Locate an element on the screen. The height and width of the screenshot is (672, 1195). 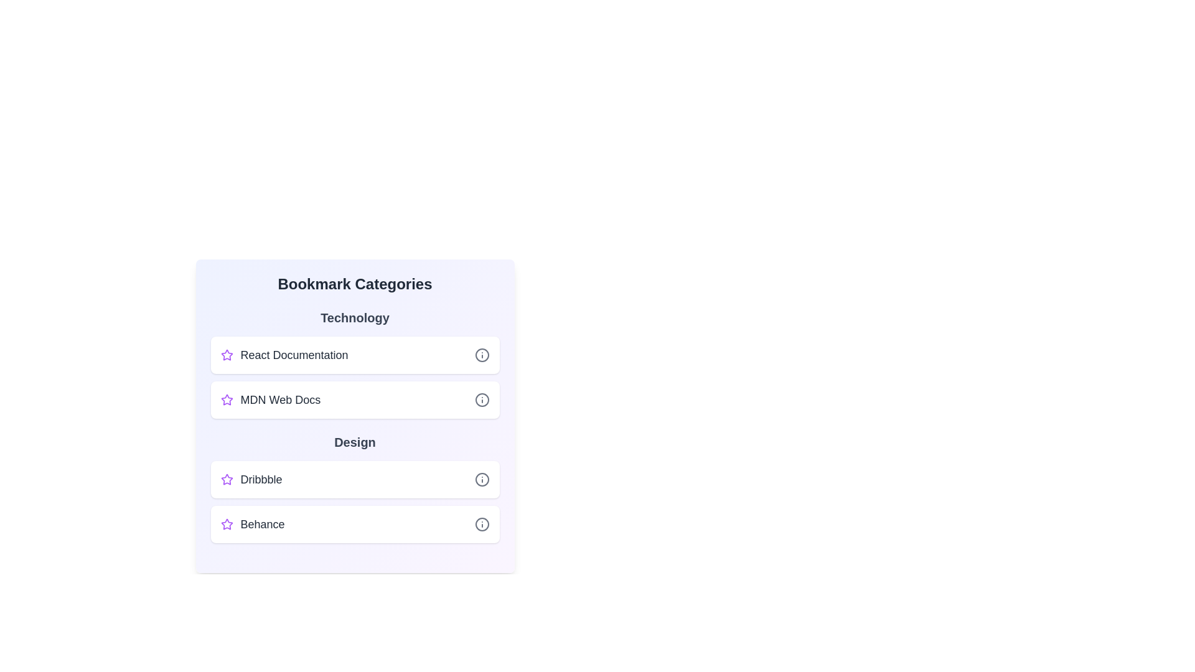
the bookmark titled Behance is located at coordinates (354, 525).